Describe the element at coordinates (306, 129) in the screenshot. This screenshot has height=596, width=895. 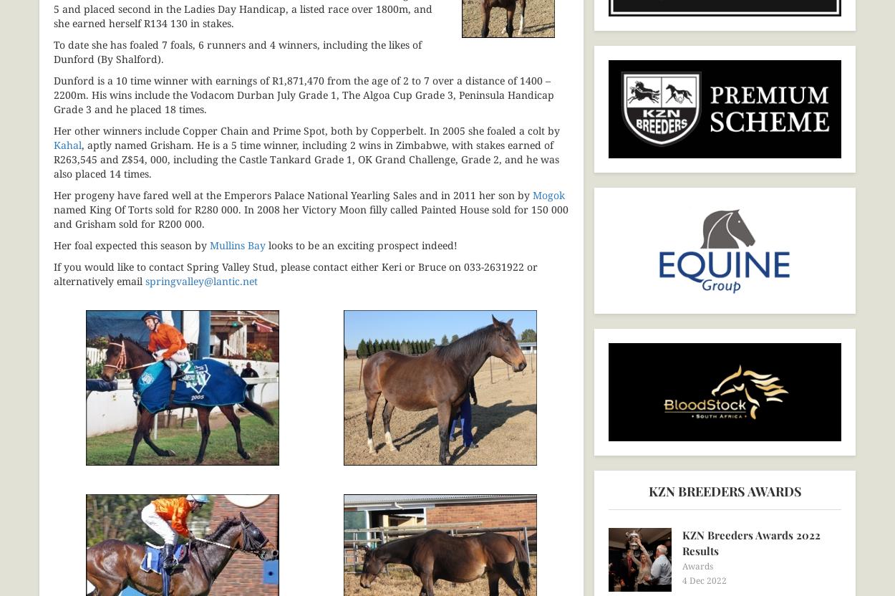
I see `'Her other winners include Copper Chain and Prime Spot, both by Copperbelt. In 2005 she foaled a colt by'` at that location.